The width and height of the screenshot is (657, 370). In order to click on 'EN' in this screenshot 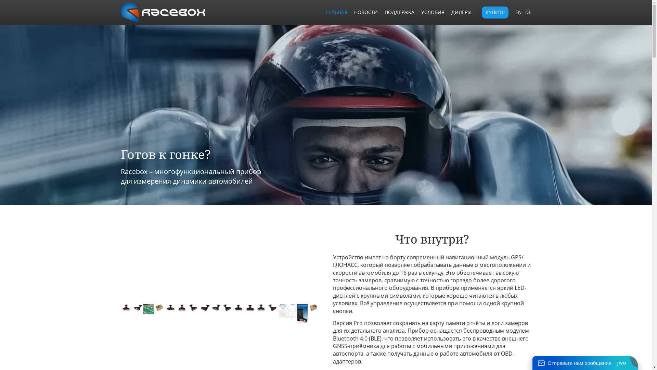, I will do `click(518, 12)`.